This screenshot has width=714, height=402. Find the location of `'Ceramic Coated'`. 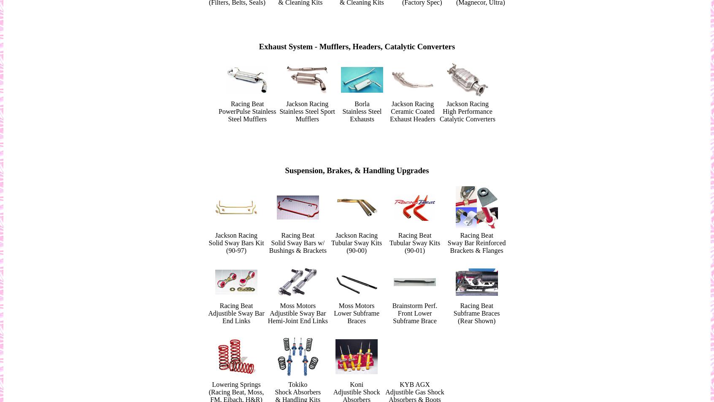

'Ceramic Coated' is located at coordinates (391, 111).